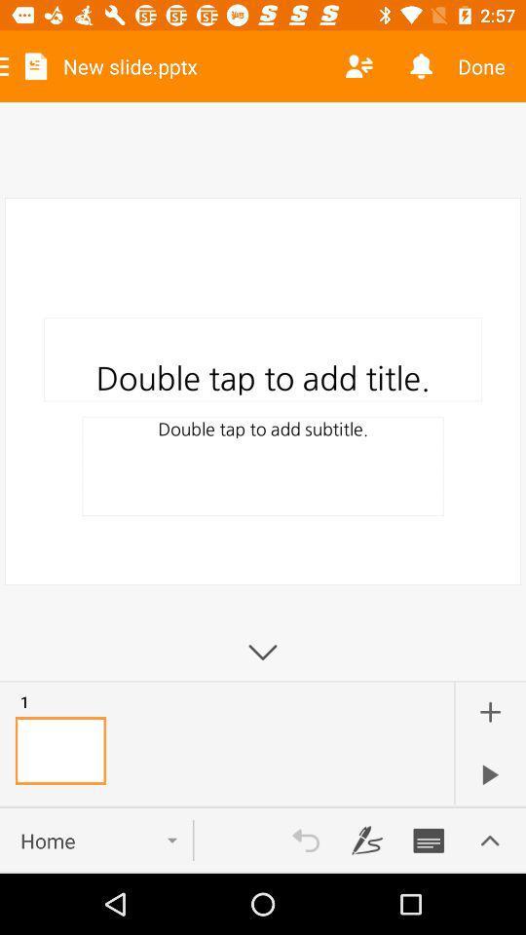 The width and height of the screenshot is (526, 935). I want to click on the undo icon, so click(306, 840).